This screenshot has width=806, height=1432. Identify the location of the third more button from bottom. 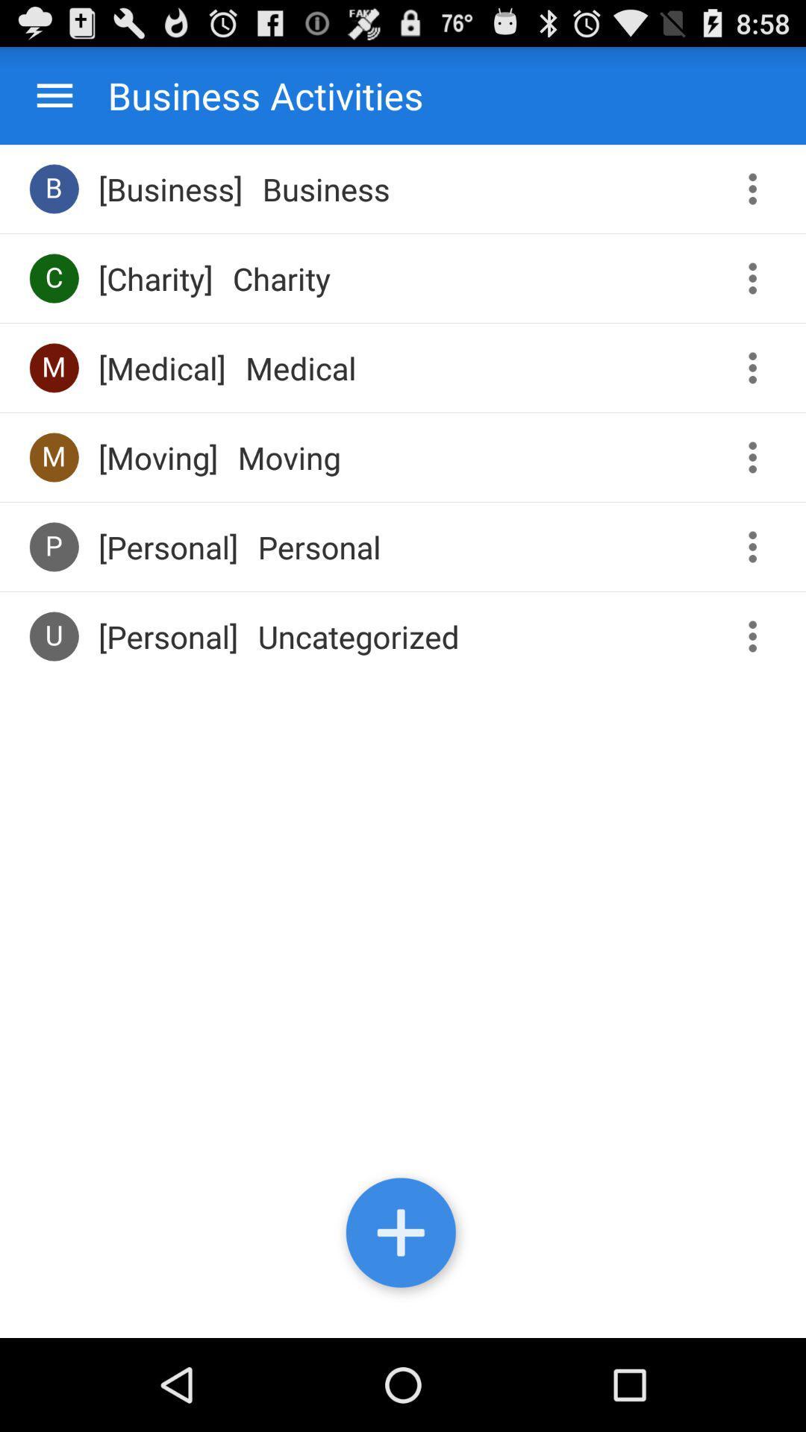
(757, 456).